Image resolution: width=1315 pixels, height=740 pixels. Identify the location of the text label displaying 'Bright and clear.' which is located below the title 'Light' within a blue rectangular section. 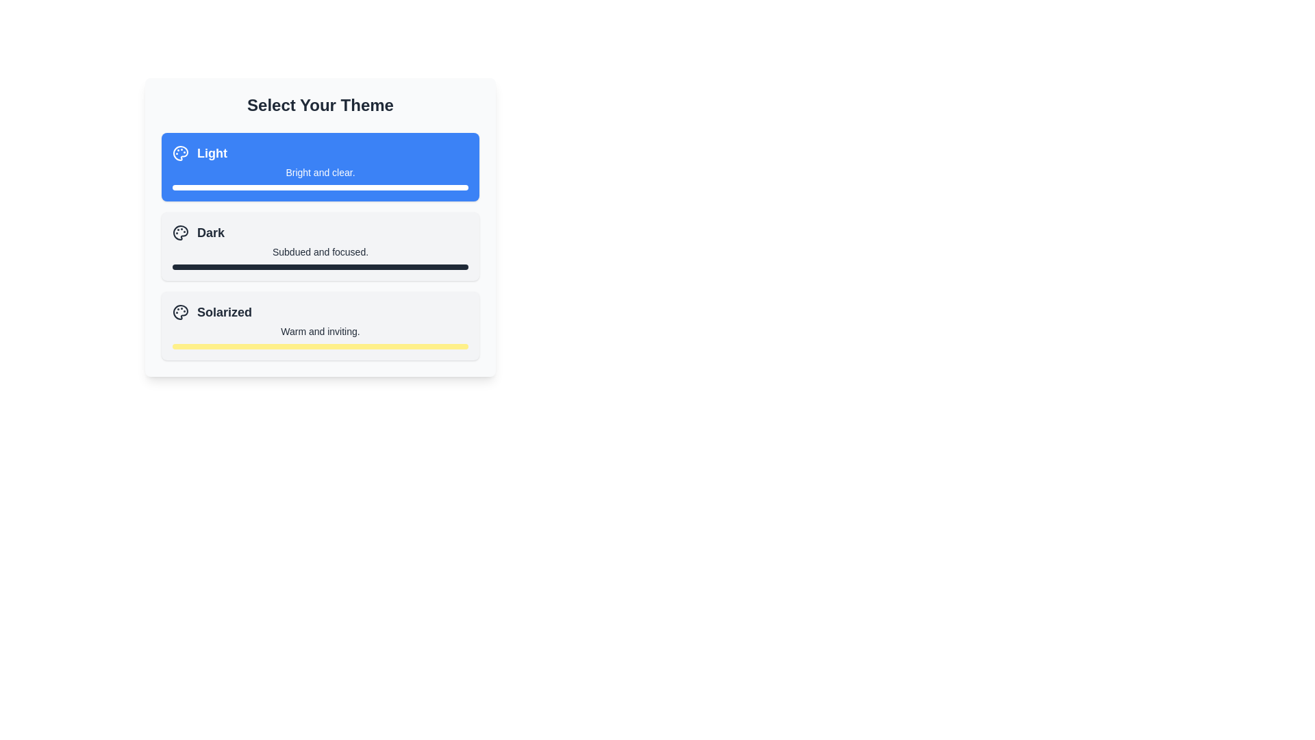
(319, 171).